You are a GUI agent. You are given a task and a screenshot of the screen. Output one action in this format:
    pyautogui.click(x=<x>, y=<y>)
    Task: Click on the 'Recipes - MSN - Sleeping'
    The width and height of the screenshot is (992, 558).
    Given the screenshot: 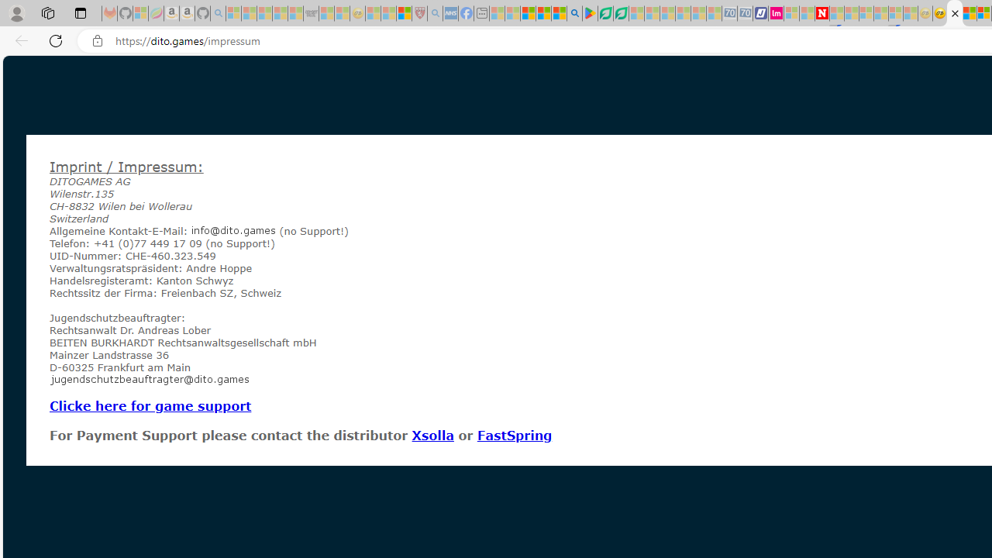 What is the action you would take?
    pyautogui.click(x=373, y=13)
    